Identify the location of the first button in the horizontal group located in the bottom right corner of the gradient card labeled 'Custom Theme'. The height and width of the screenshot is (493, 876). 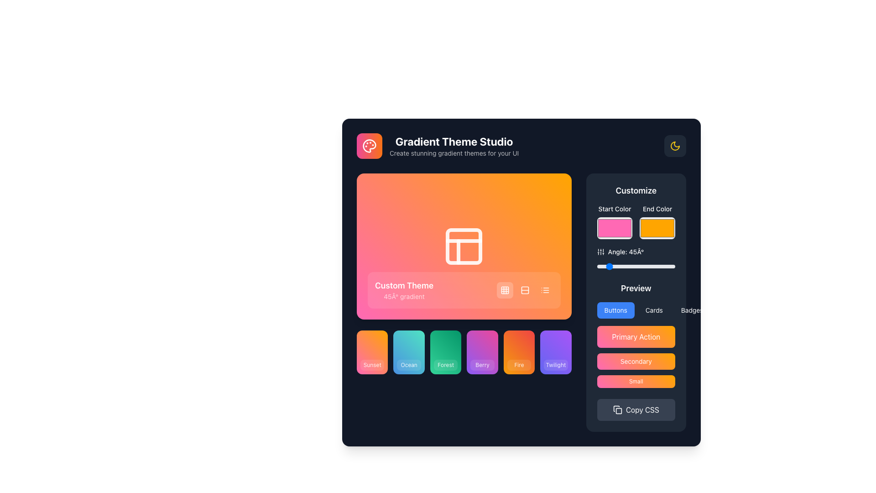
(504, 290).